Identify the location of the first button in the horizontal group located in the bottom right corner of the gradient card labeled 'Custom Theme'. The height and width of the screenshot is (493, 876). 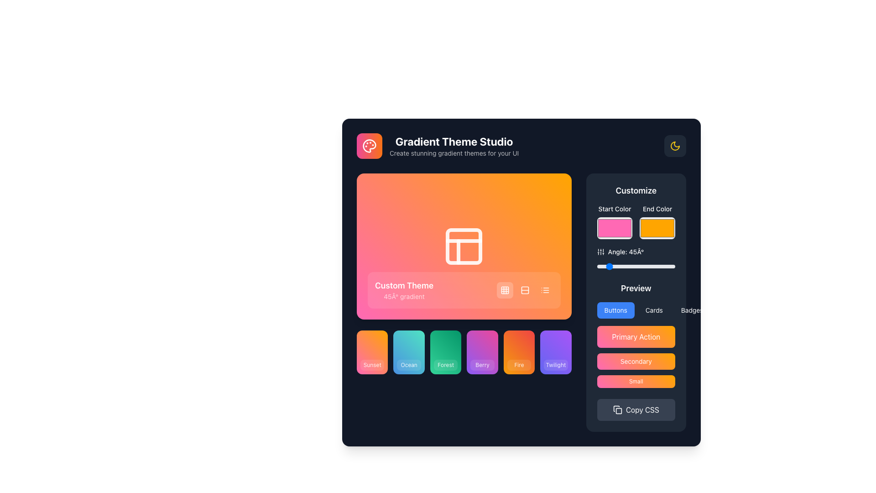
(504, 290).